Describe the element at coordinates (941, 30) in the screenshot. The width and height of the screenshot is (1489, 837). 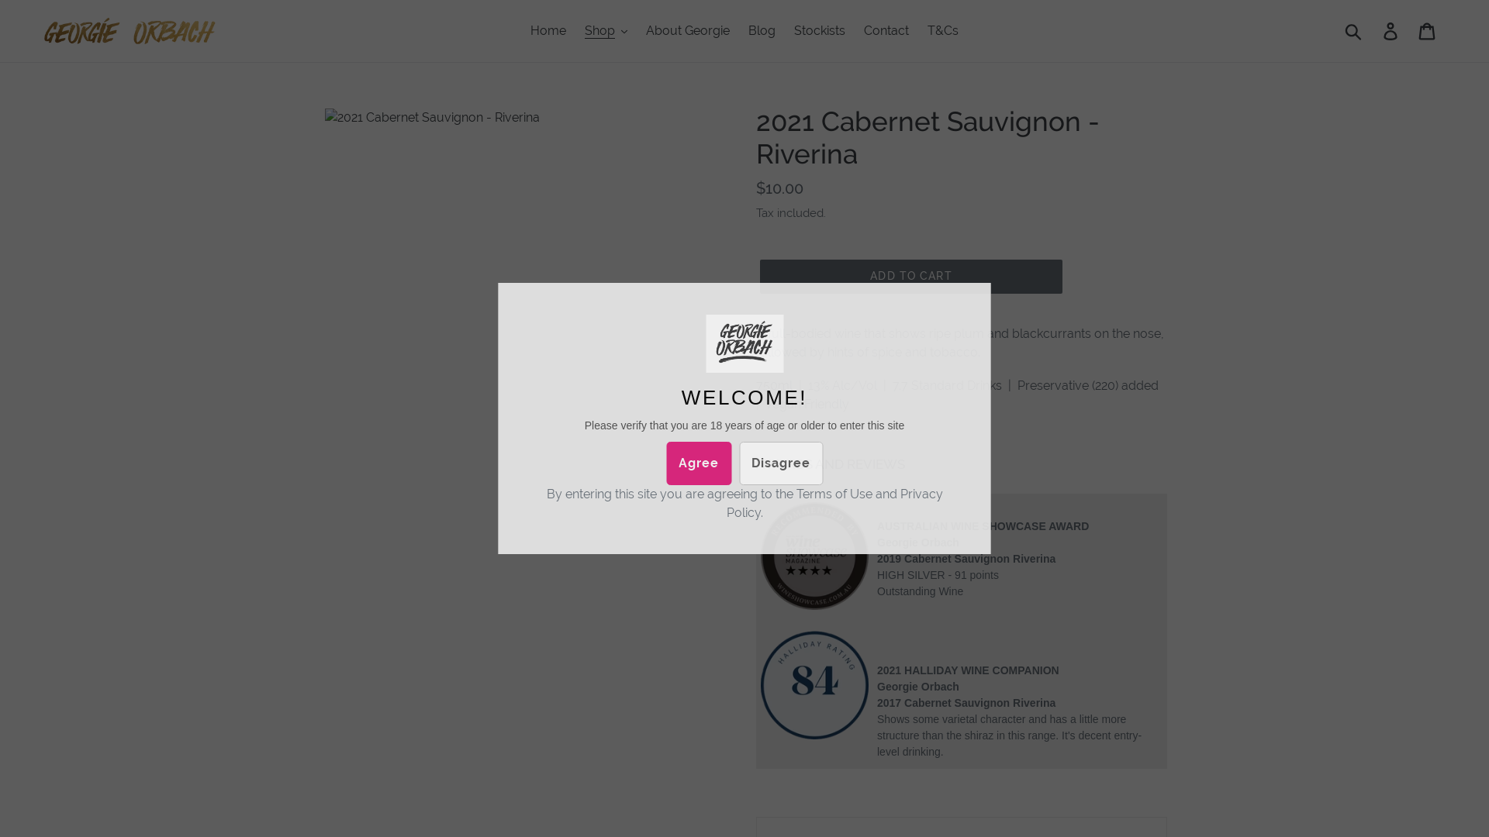
I see `'T&Cs'` at that location.